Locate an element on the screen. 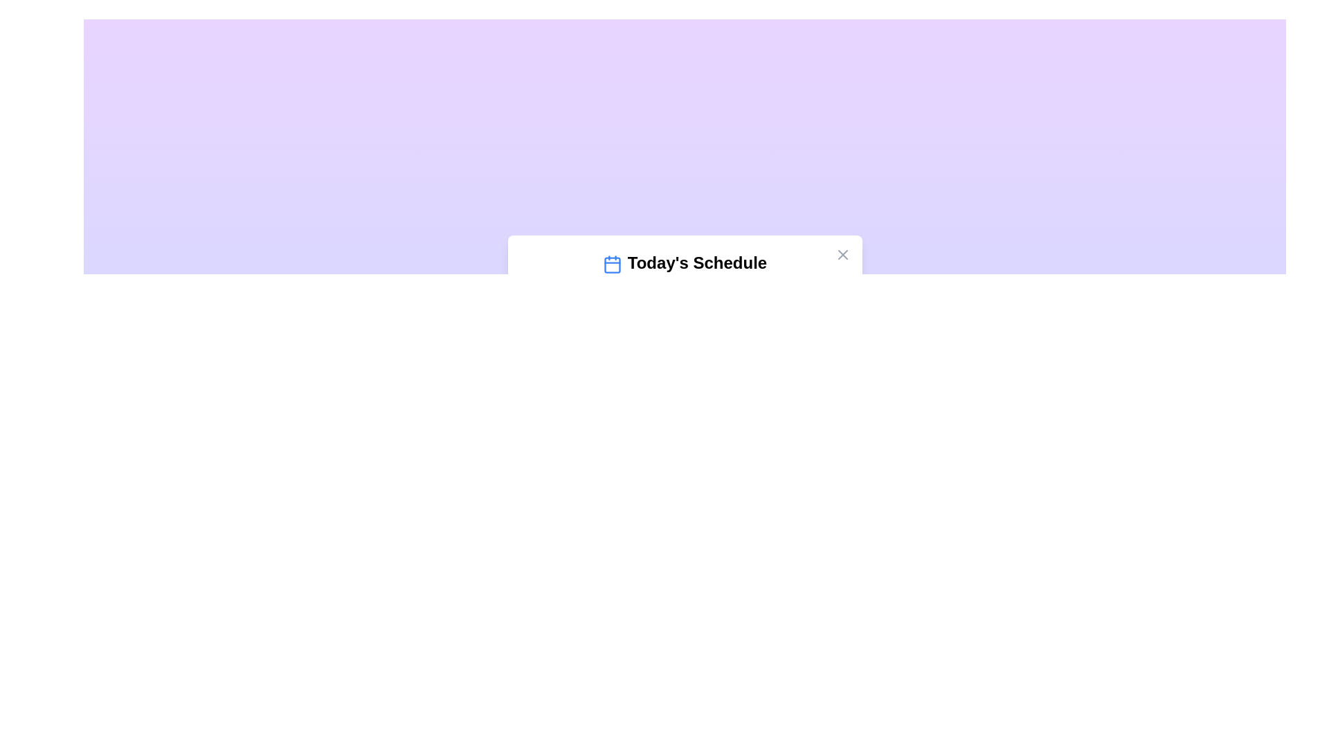 This screenshot has height=748, width=1329. the close icon located in the top-right section of the header bar next to the 'Today's Schedule' text is located at coordinates (842, 254).